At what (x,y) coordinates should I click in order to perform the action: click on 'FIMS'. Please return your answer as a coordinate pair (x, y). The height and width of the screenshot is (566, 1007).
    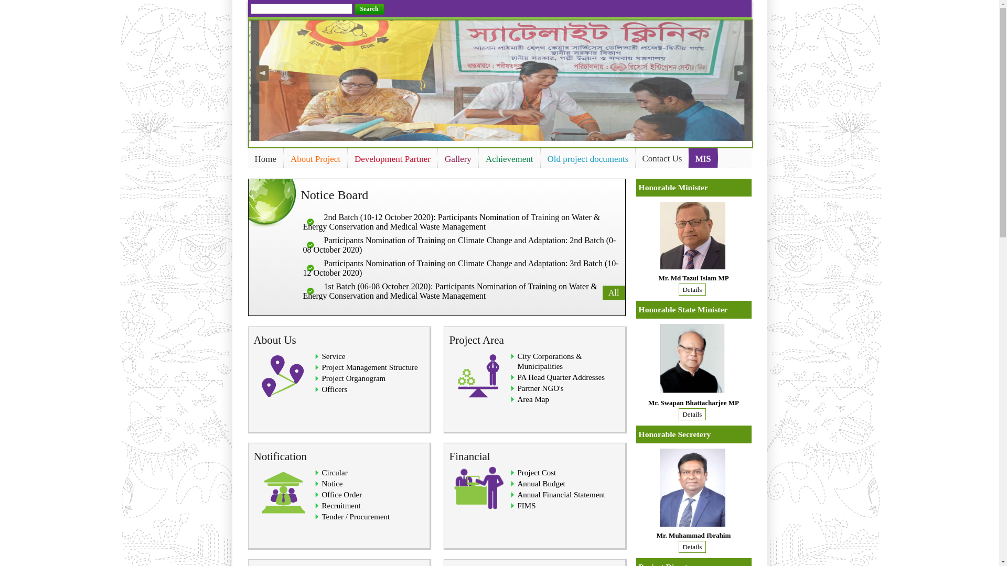
    Looking at the image, I should click on (517, 505).